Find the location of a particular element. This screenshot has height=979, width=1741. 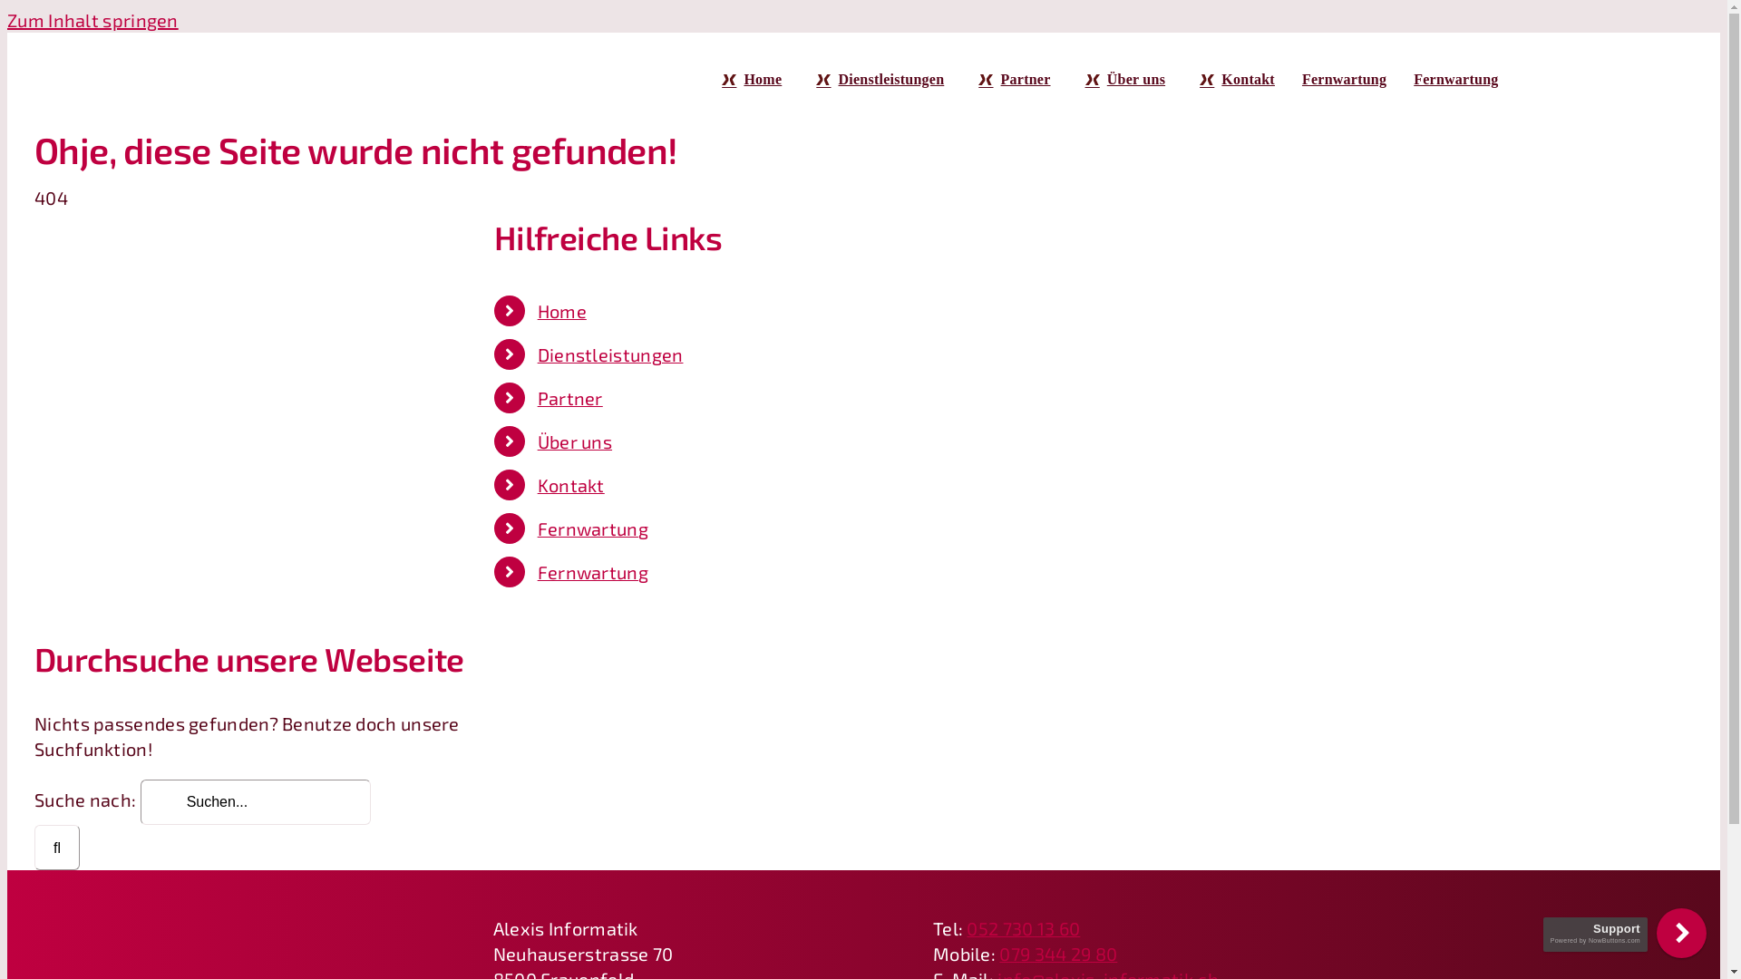

'link' is located at coordinates (1680, 933).